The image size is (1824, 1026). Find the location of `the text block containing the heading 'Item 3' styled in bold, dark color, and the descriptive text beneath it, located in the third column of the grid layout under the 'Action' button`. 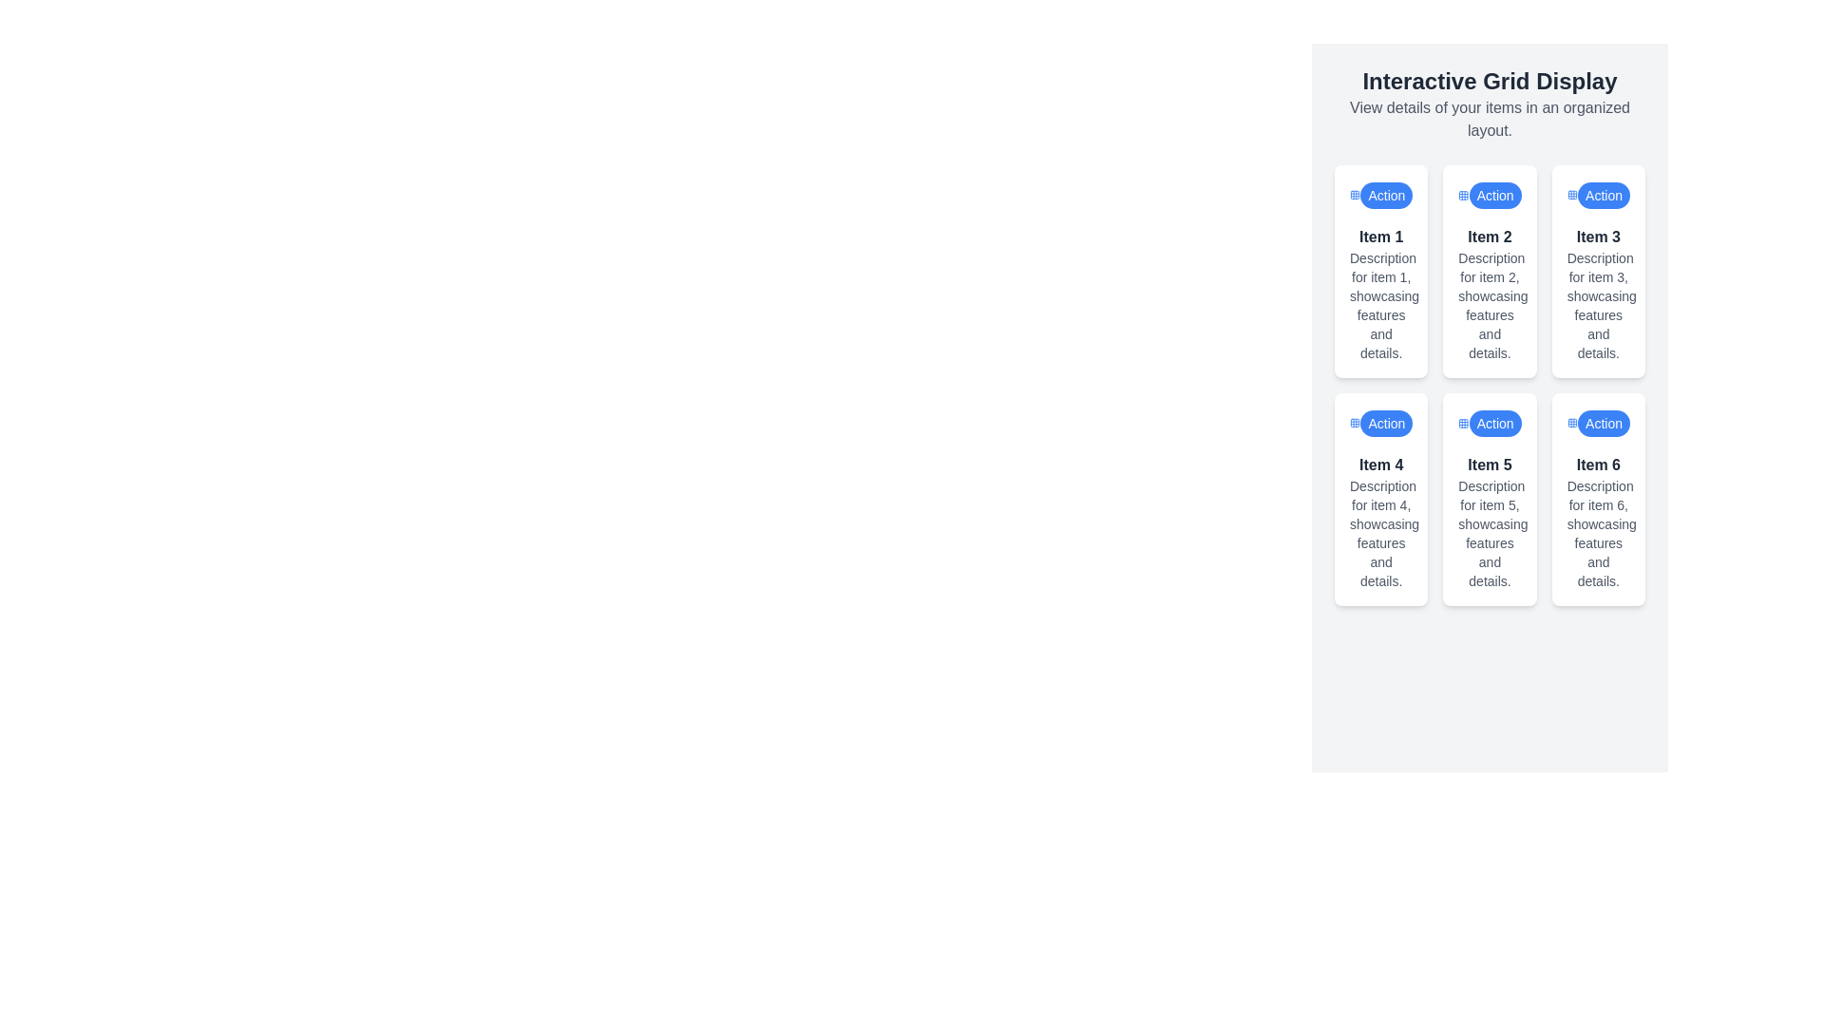

the text block containing the heading 'Item 3' styled in bold, dark color, and the descriptive text beneath it, located in the third column of the grid layout under the 'Action' button is located at coordinates (1597, 294).